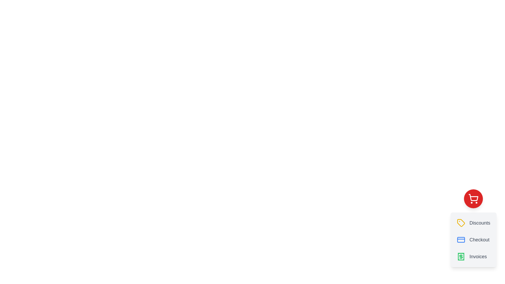  Describe the element at coordinates (473, 240) in the screenshot. I see `the button labeled Checkout to observe its hover effect or tooltip` at that location.